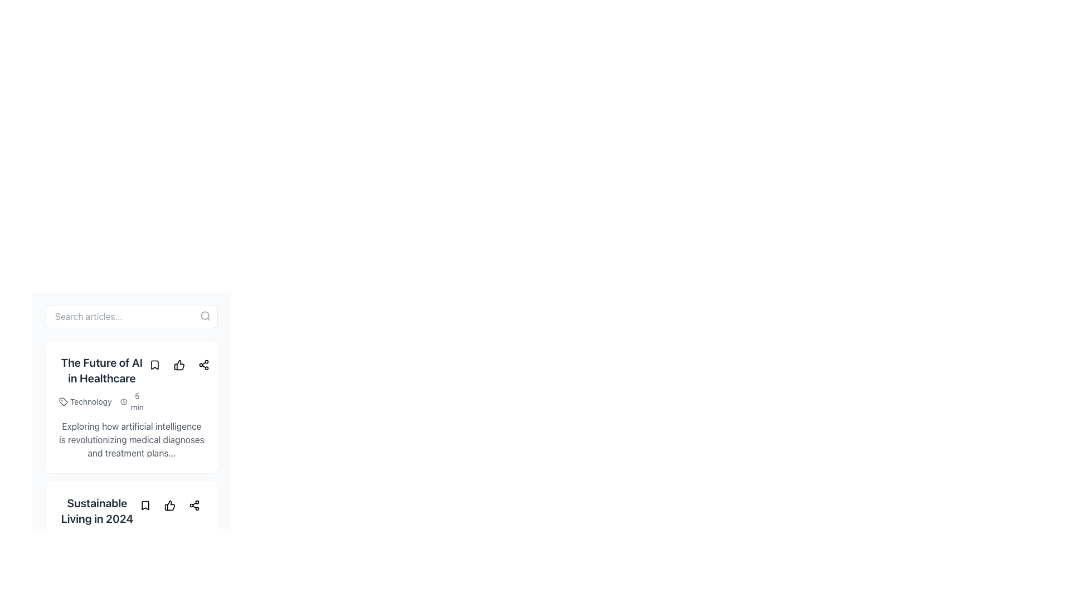 This screenshot has height=602, width=1070. Describe the element at coordinates (169, 505) in the screenshot. I see `the approval button located below the 'Sustainable Living in 2024' article` at that location.